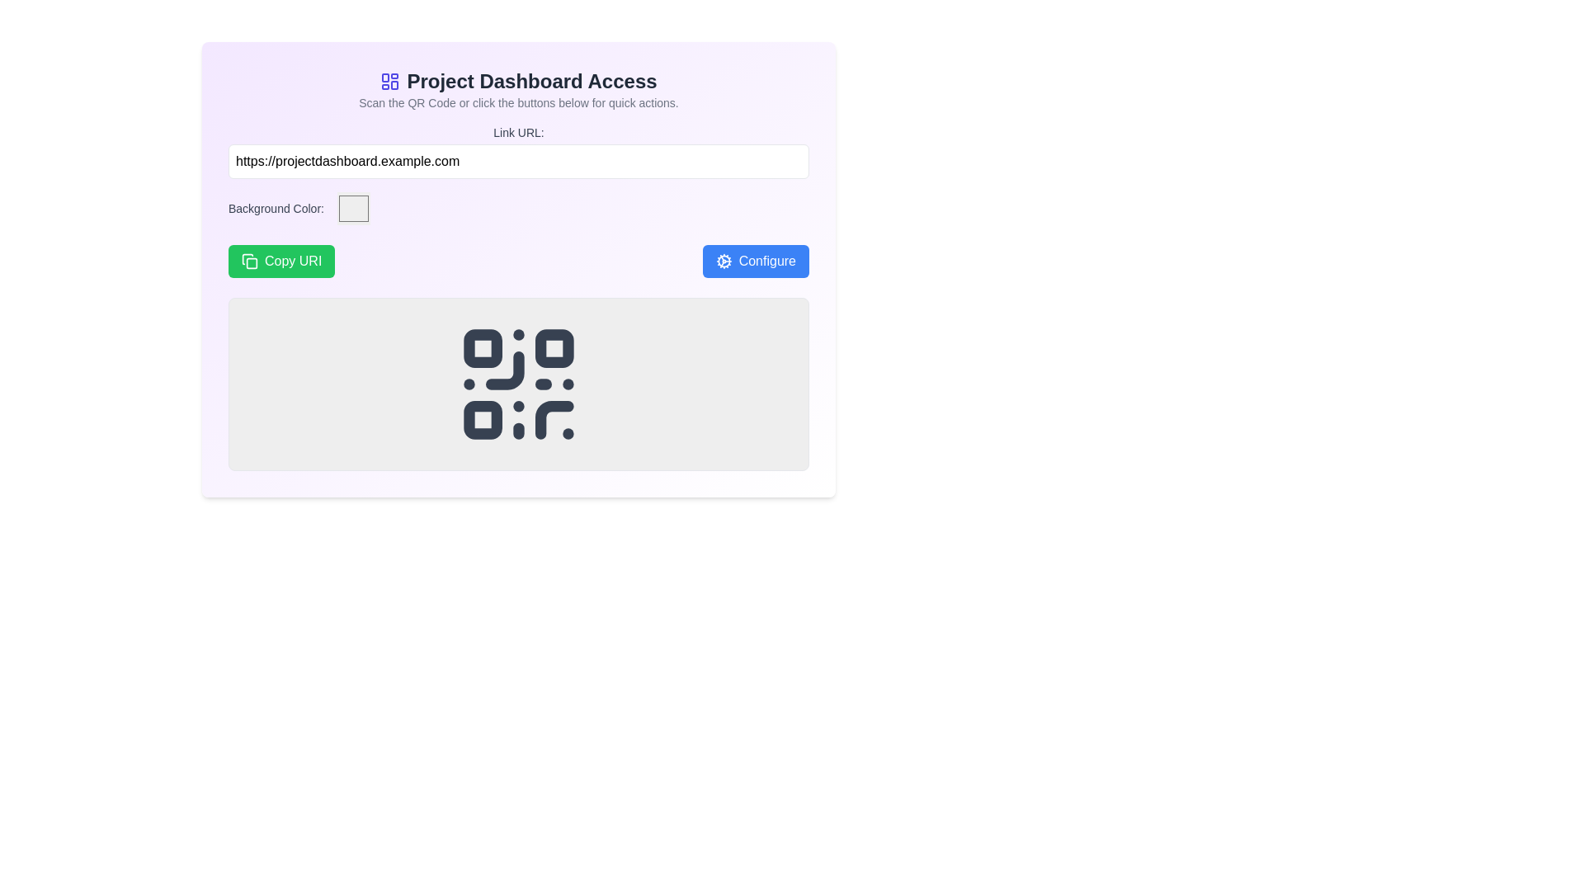 This screenshot has height=891, width=1584. Describe the element at coordinates (389, 82) in the screenshot. I see `the SVG-based dashboard layout icon, which is purple and located to the left of the 'Project Dashboard Access' text in the header section` at that location.